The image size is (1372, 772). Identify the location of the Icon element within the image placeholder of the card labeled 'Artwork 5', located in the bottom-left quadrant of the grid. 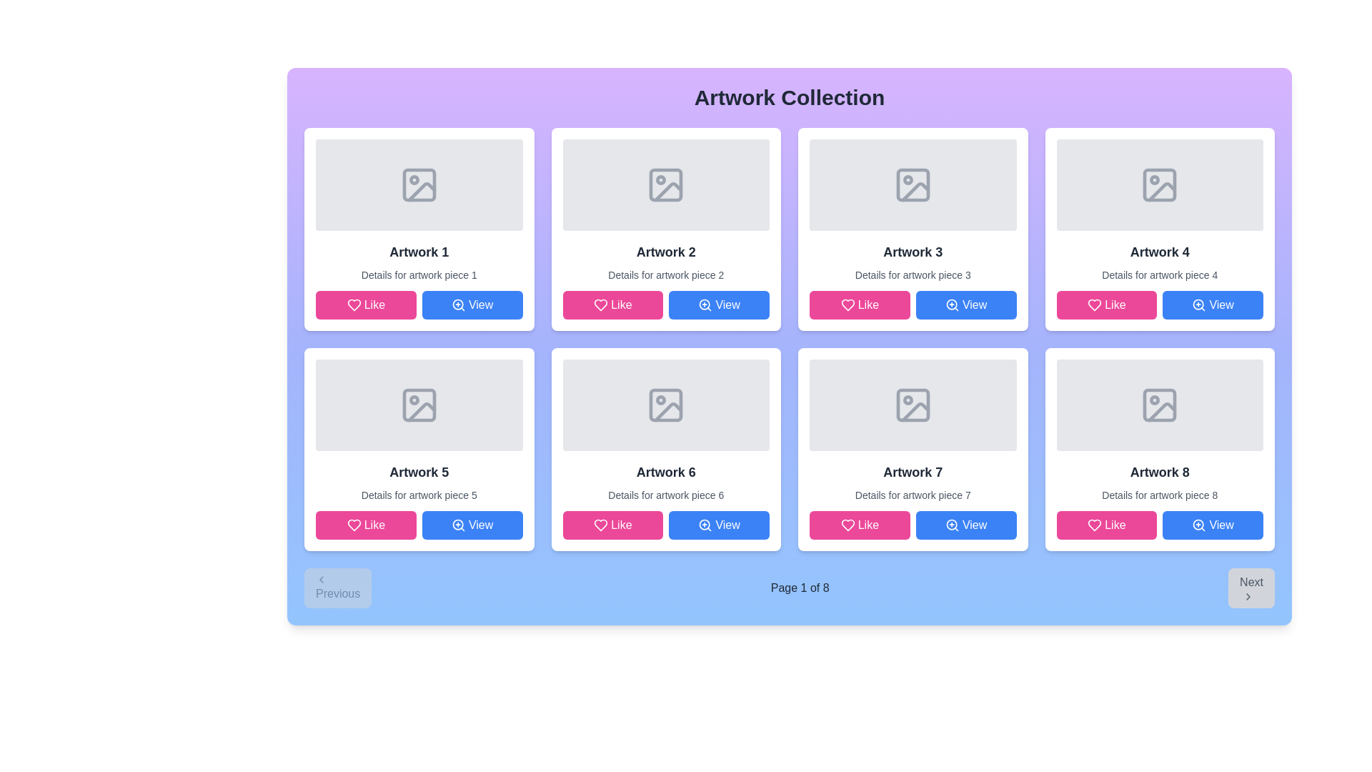
(418, 405).